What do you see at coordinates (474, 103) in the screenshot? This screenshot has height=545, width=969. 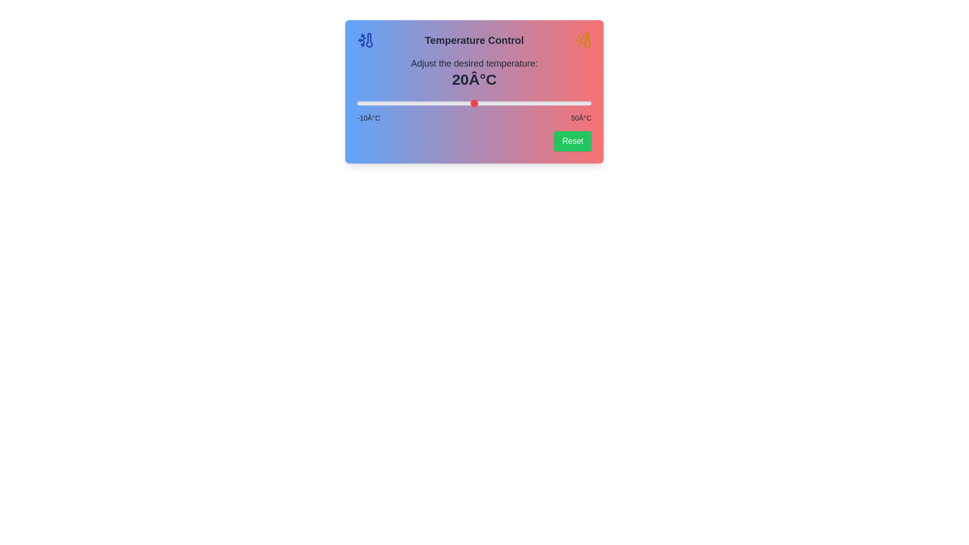 I see `the slider to set the temperature to 20°C` at bounding box center [474, 103].